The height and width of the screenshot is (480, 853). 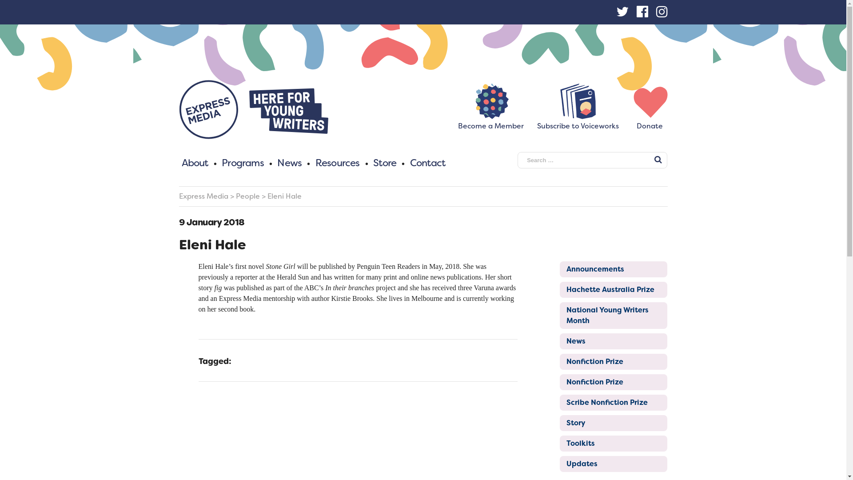 What do you see at coordinates (613, 361) in the screenshot?
I see `'Nonfiction Prize'` at bounding box center [613, 361].